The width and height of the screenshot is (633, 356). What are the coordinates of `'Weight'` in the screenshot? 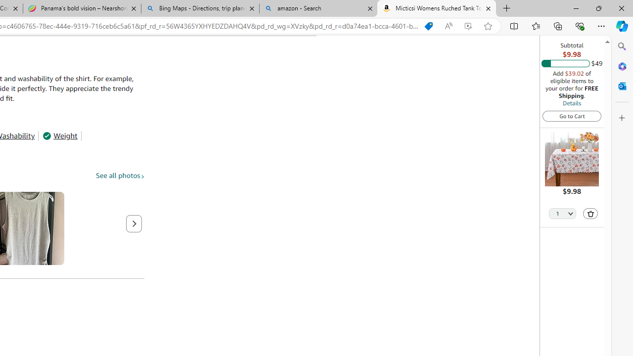 It's located at (59, 136).